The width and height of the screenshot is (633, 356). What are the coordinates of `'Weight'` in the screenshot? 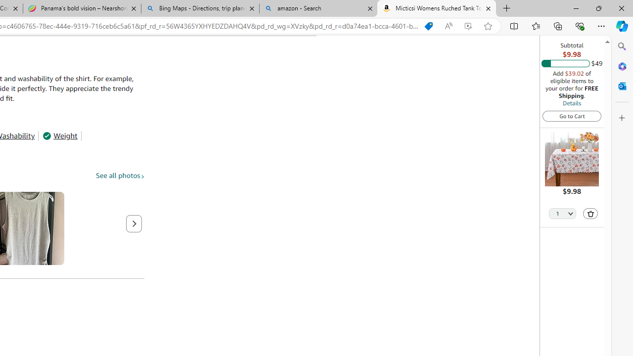 It's located at (59, 136).